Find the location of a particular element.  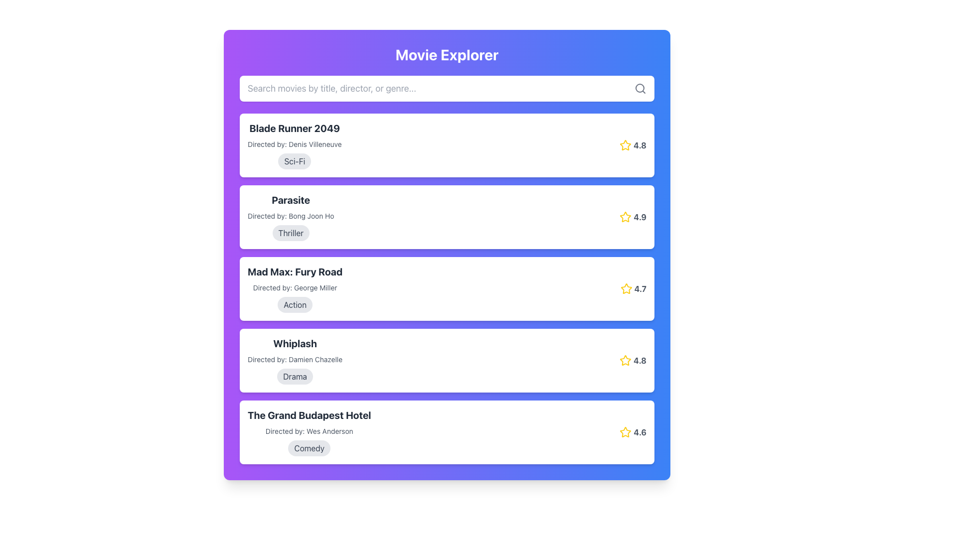

the movie information card, which is the fifth card in a vertical list that displays details such as title, director, genre, and rating is located at coordinates (447, 431).